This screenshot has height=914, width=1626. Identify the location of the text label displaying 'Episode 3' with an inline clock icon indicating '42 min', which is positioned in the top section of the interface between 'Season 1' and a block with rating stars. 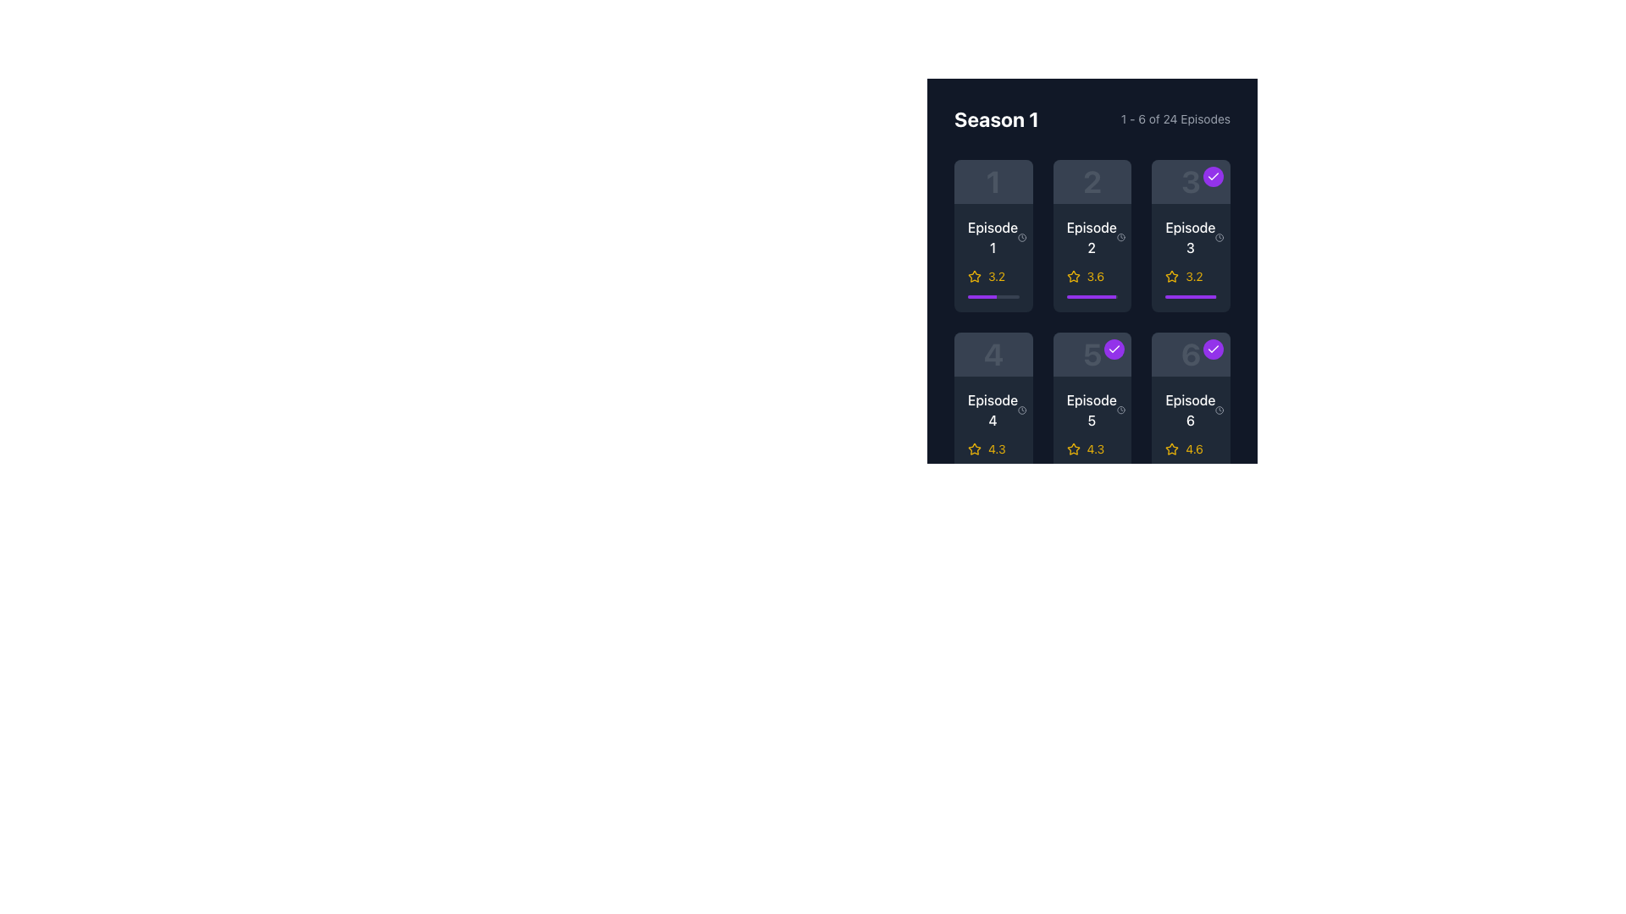
(1190, 238).